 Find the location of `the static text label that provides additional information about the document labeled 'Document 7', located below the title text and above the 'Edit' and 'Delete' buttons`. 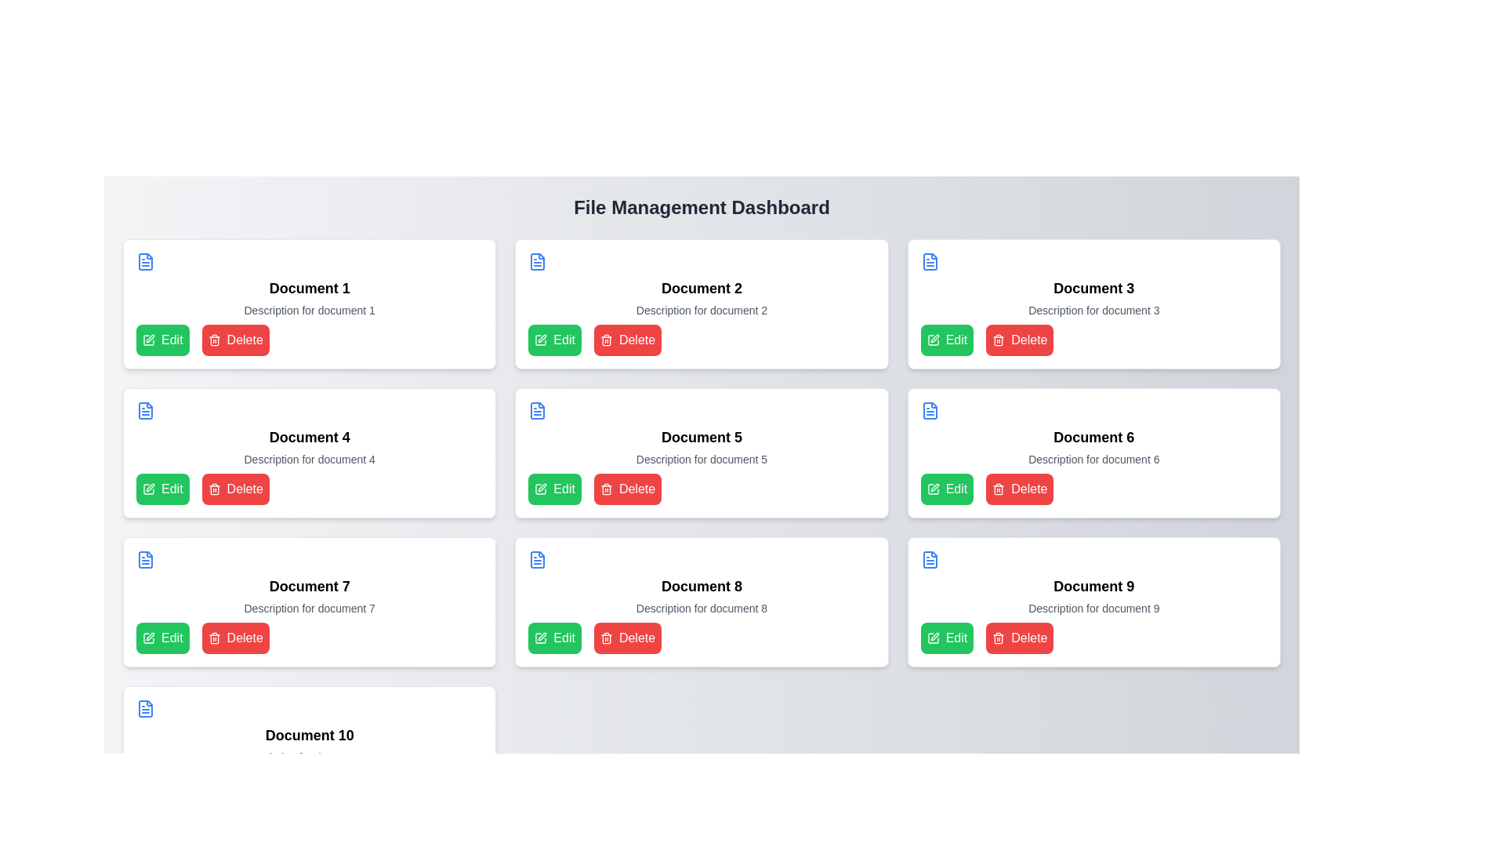

the static text label that provides additional information about the document labeled 'Document 7', located below the title text and above the 'Edit' and 'Delete' buttons is located at coordinates (310, 607).